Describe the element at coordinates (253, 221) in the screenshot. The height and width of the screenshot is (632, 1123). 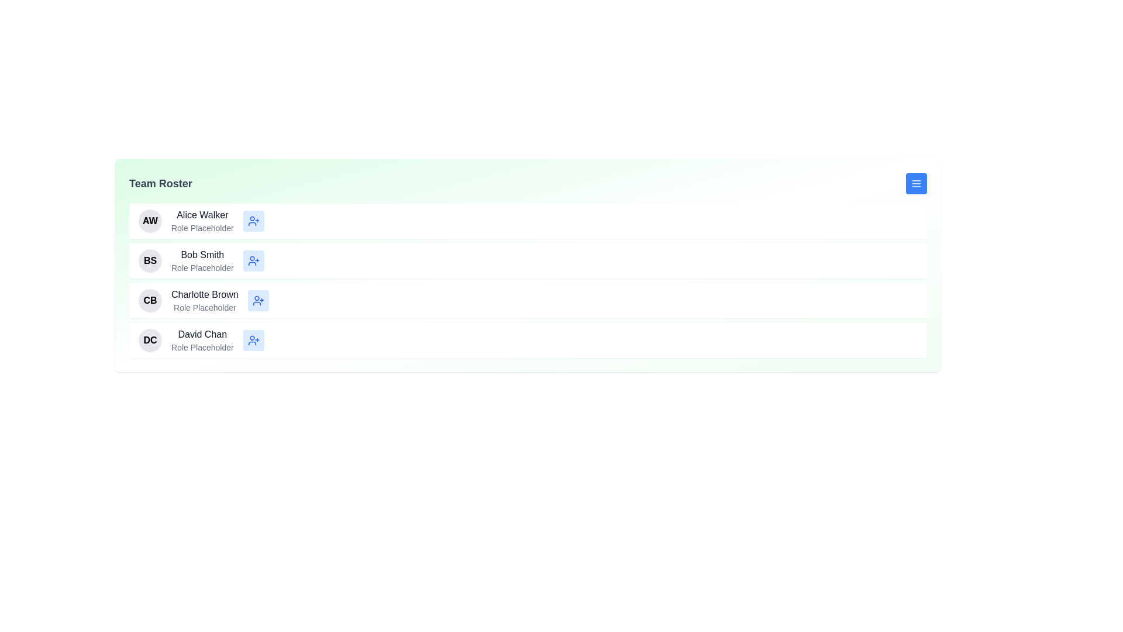
I see `the blue icon button resembling a person with a plus sign located to the right of the list item for Alice Walker` at that location.